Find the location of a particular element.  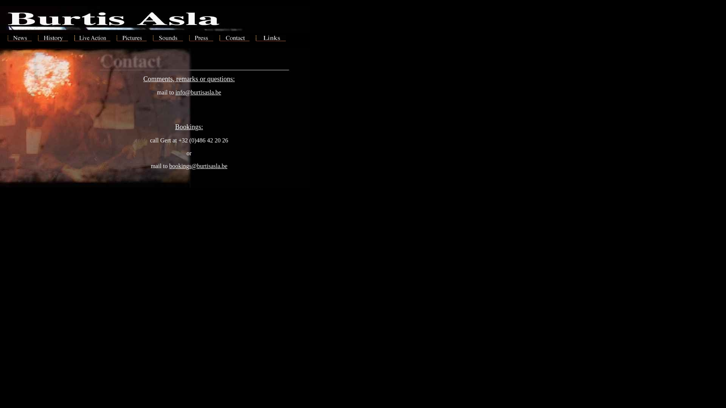

'bookings@burtisasla.be' is located at coordinates (198, 165).